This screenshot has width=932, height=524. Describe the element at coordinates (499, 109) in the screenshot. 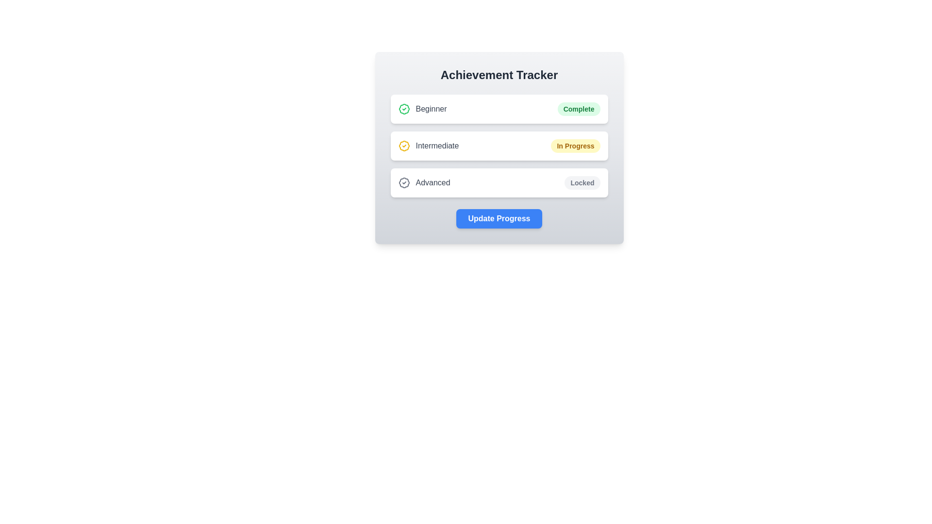

I see `the Status indicator block that indicates the completion status of a 'Beginner' task, which is positioned above the 'Intermediate' section and below the 'Achievement Tracker' title` at that location.